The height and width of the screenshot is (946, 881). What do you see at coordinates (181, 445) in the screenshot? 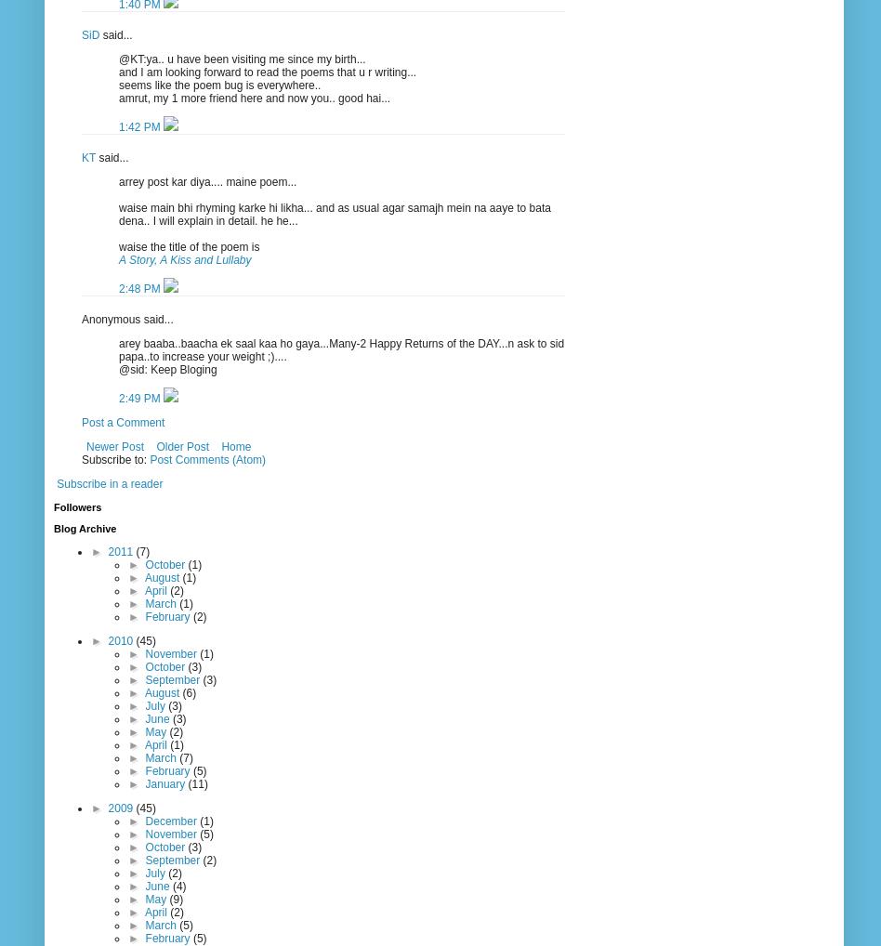
I see `'Older Post'` at bounding box center [181, 445].